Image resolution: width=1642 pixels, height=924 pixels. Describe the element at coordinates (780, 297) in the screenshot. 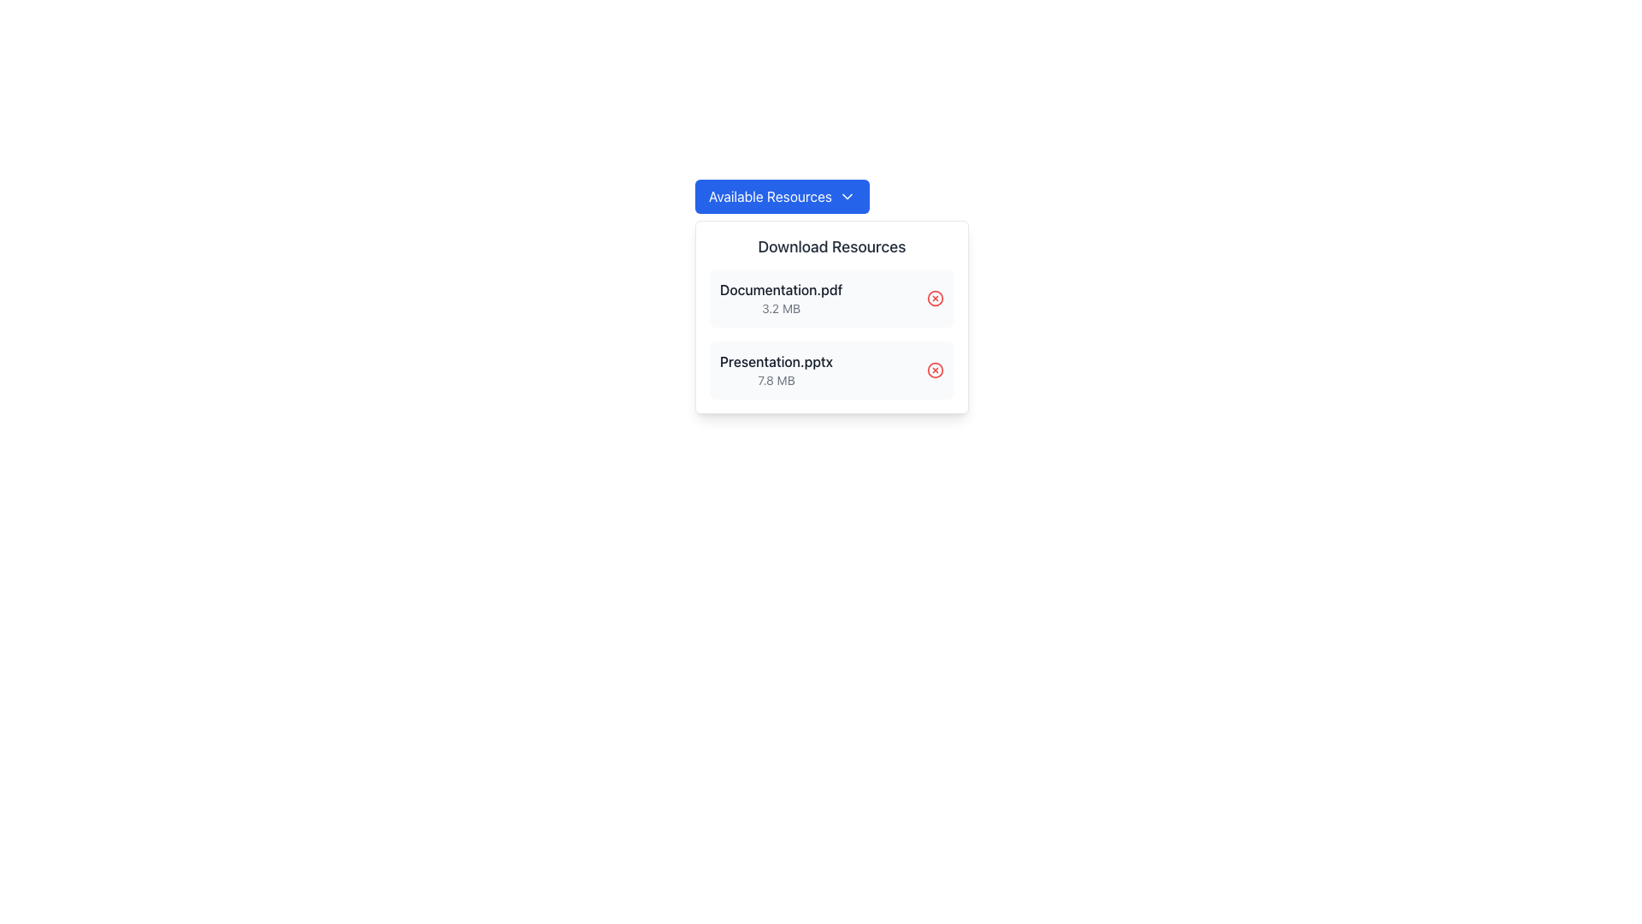

I see `the Text Label displaying 'Documentation.pdf' in the file listing pop-up below the 'Download Resources' heading` at that location.